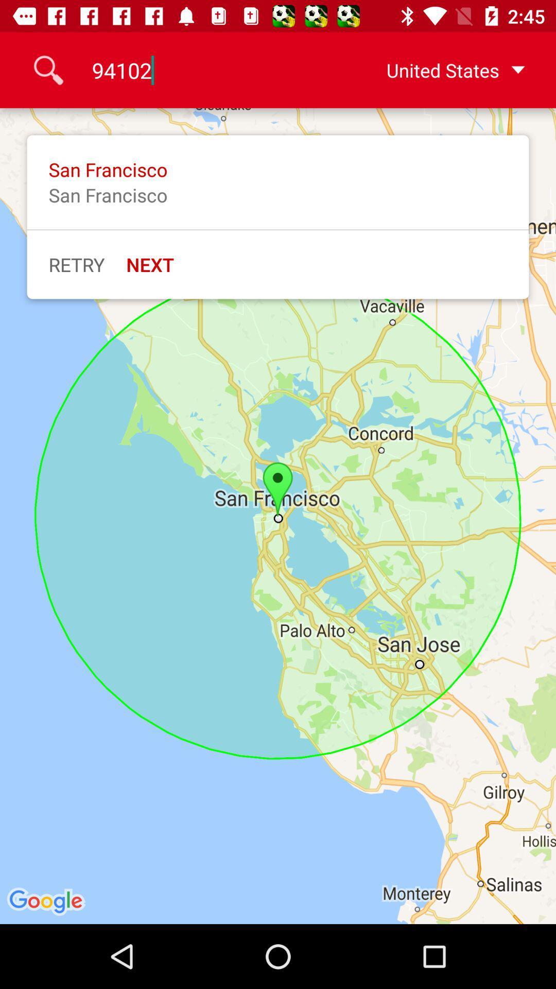 This screenshot has height=989, width=556. Describe the element at coordinates (76, 264) in the screenshot. I see `the retry item` at that location.